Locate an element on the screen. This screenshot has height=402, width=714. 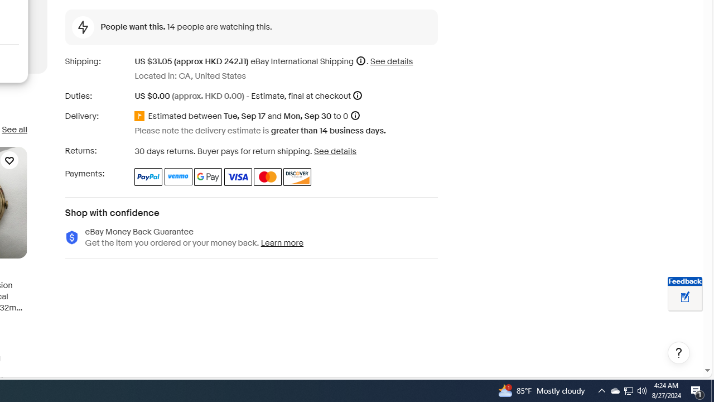
'See details - for more information about returns' is located at coordinates (334, 151).